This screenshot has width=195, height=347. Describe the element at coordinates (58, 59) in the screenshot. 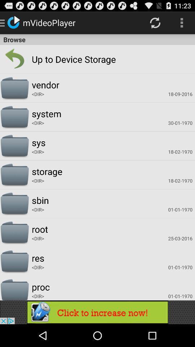

I see `the icon below the browse icon` at that location.